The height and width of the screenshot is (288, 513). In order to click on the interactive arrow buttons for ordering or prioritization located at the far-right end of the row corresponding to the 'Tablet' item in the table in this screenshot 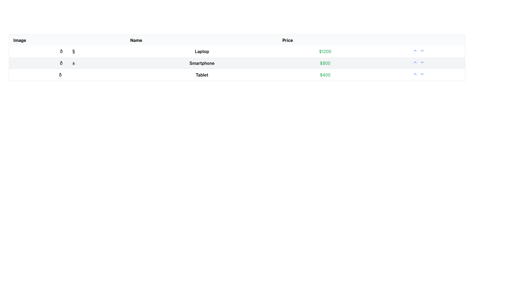, I will do `click(418, 75)`.